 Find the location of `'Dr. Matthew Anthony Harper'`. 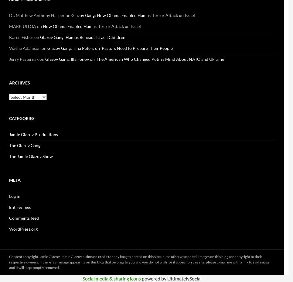

'Dr. Matthew Anthony Harper' is located at coordinates (37, 15).